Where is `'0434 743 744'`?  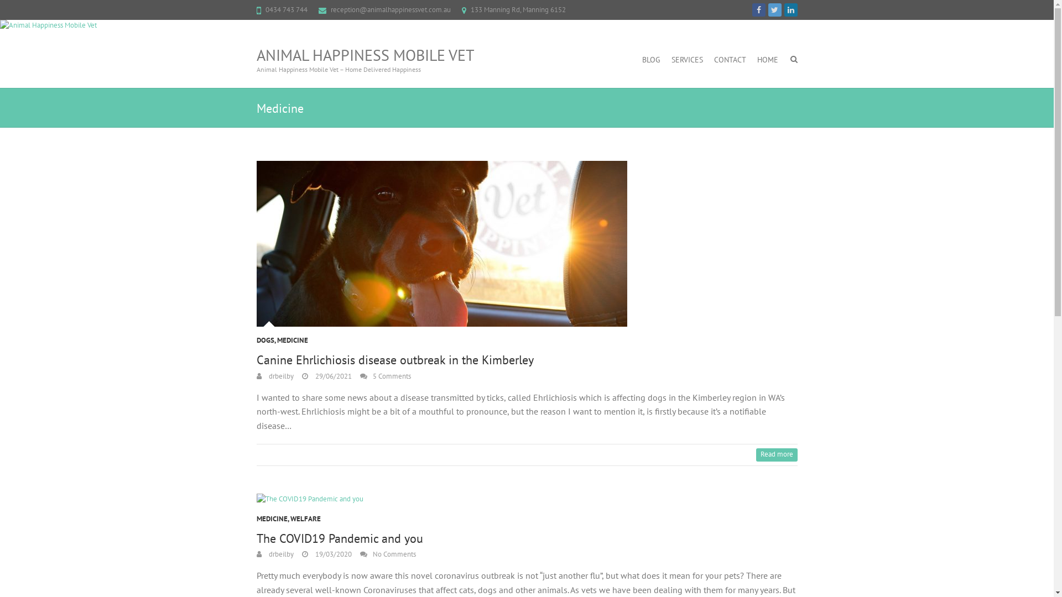
'0434 743 744' is located at coordinates (265, 9).